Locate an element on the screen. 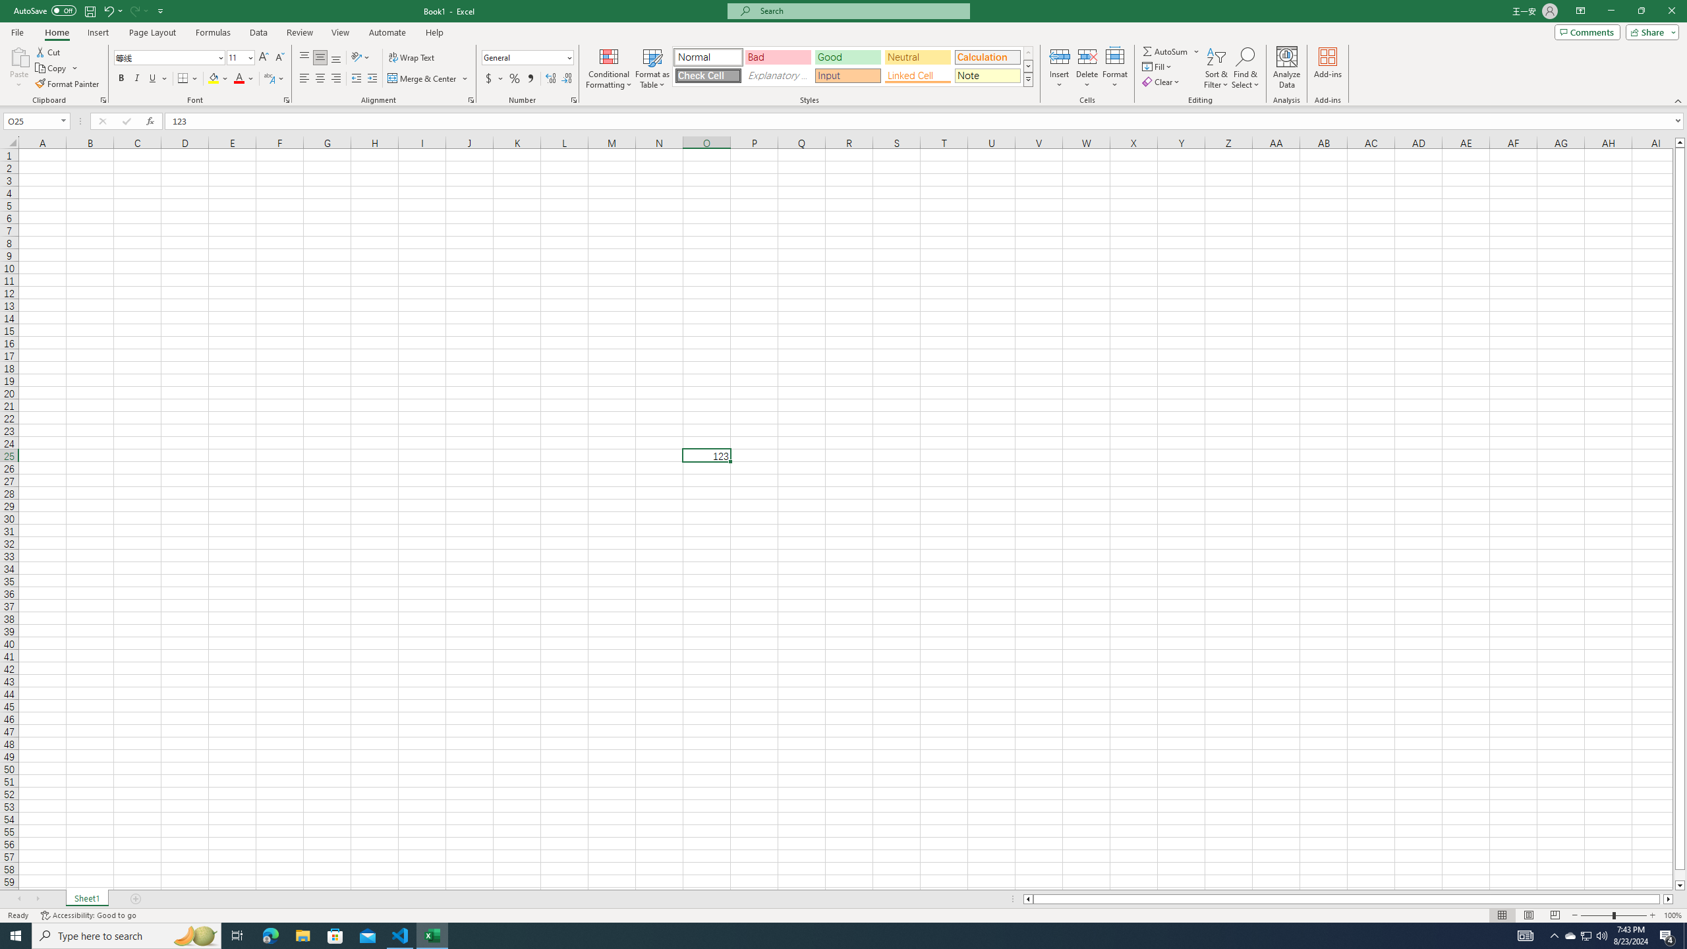 This screenshot has width=1687, height=949. 'Column left' is located at coordinates (1027, 898).